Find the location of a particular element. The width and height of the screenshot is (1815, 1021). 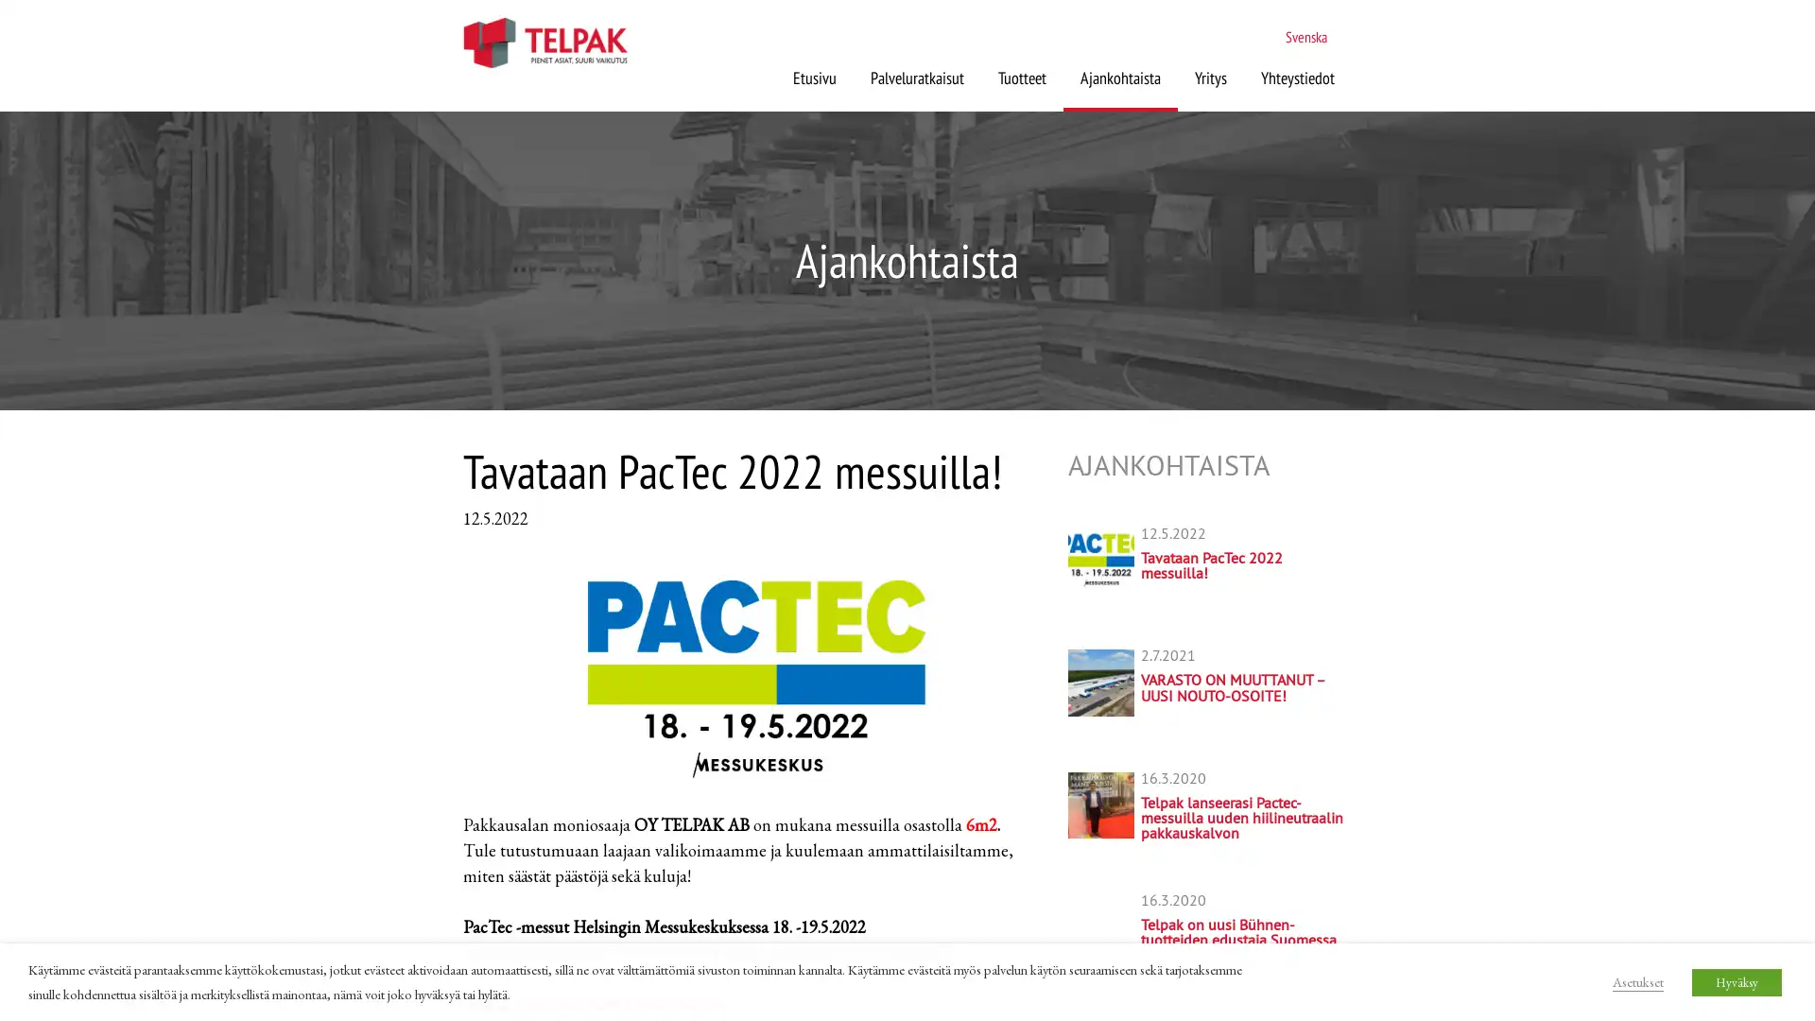

Hyvaksy is located at coordinates (1737, 980).